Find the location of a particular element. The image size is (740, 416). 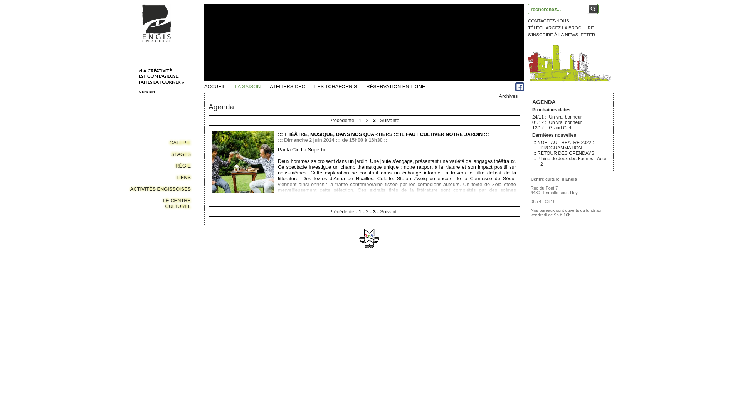

'LE CENTRE is located at coordinates (129, 203).